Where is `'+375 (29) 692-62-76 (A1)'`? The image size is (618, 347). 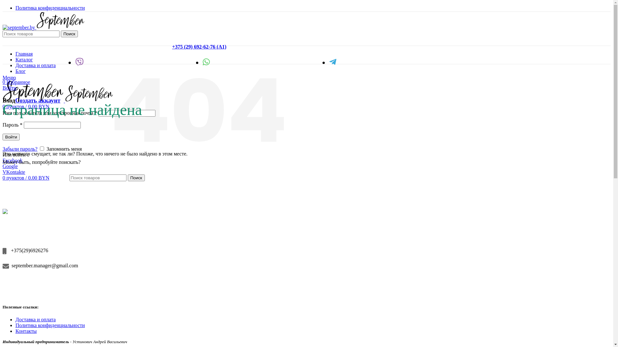
'+375 (29) 692-62-76 (A1)' is located at coordinates (172, 46).